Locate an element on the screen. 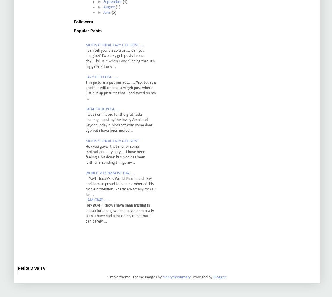 Image resolution: width=332 pixels, height=297 pixels. 'Popular Posts' is located at coordinates (73, 31).